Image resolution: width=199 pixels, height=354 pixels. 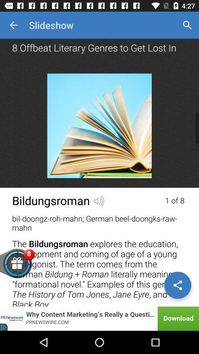 What do you see at coordinates (177, 285) in the screenshot?
I see `the share icon` at bounding box center [177, 285].